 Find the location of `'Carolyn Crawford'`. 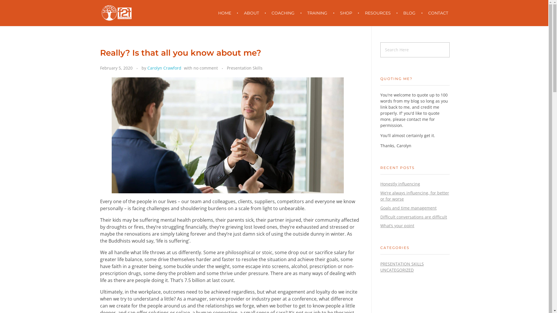

'Carolyn Crawford' is located at coordinates (164, 68).